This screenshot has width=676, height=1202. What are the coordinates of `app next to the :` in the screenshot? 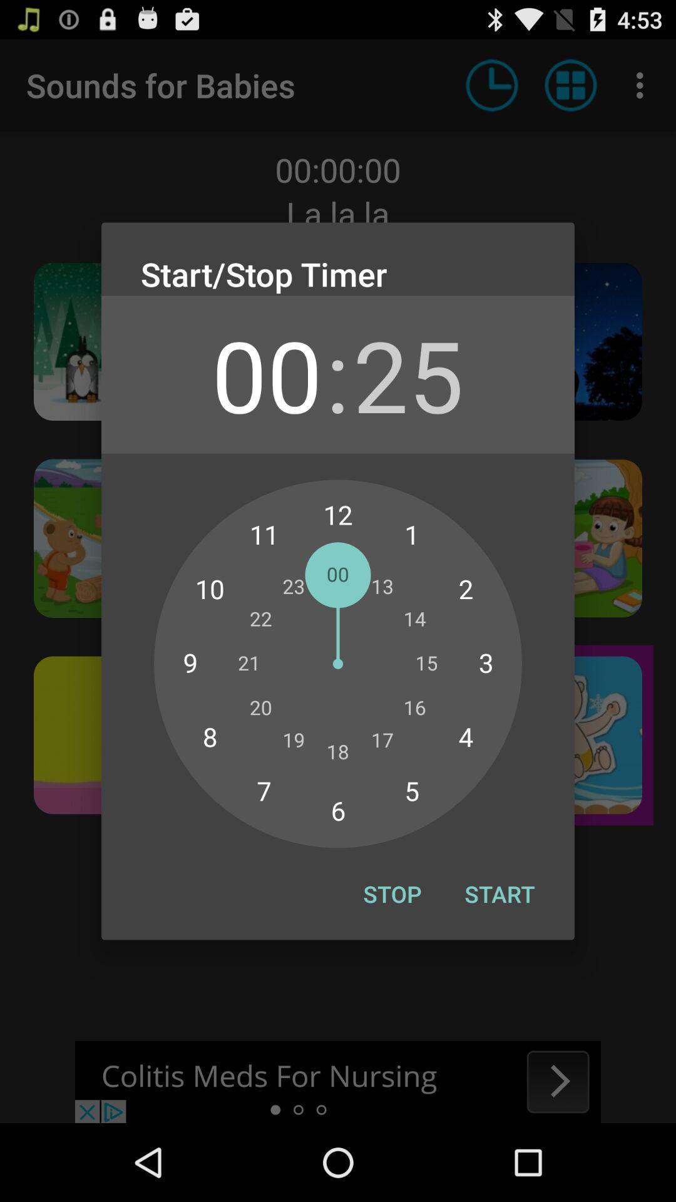 It's located at (266, 374).